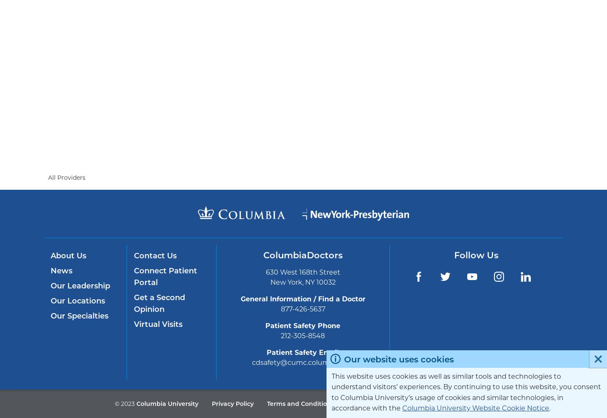 This screenshot has height=418, width=607. What do you see at coordinates (157, 324) in the screenshot?
I see `'Virtual Visits'` at bounding box center [157, 324].